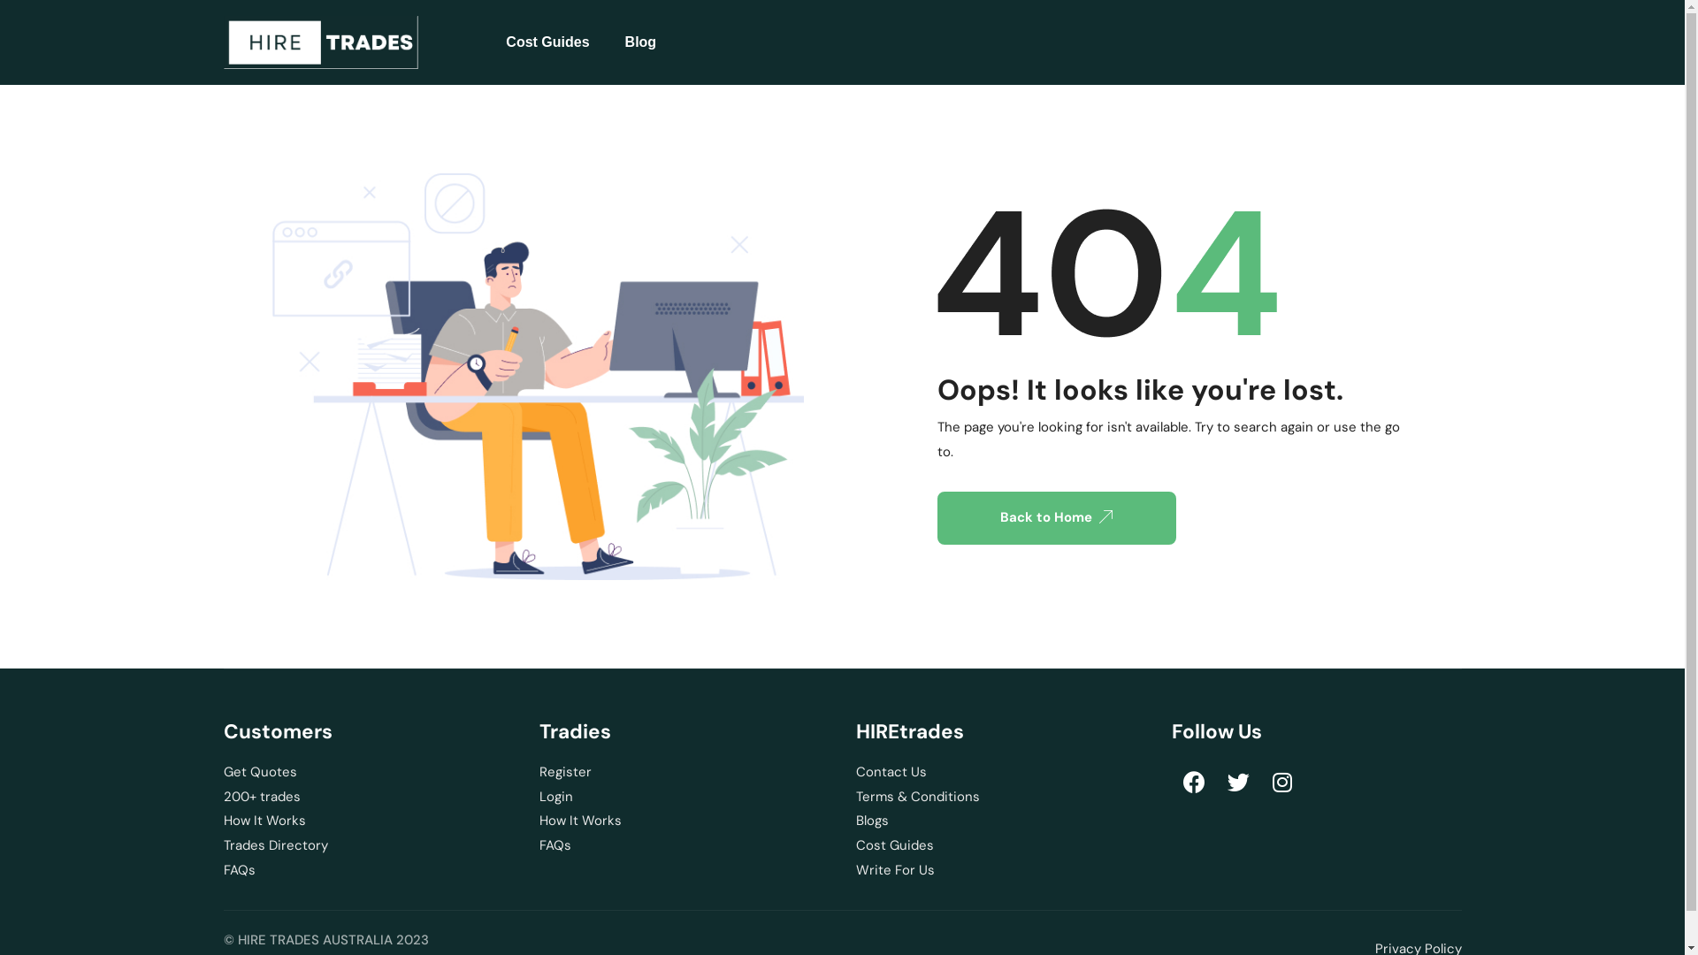 The width and height of the screenshot is (1698, 955). What do you see at coordinates (639, 41) in the screenshot?
I see `'Blog'` at bounding box center [639, 41].